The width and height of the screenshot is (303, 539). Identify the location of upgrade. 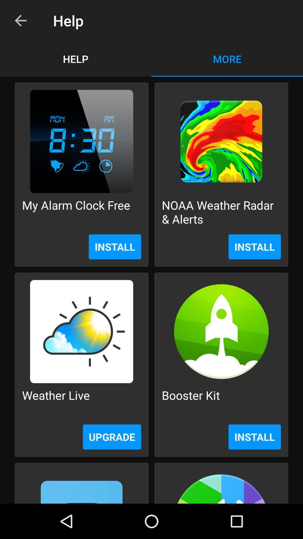
(112, 437).